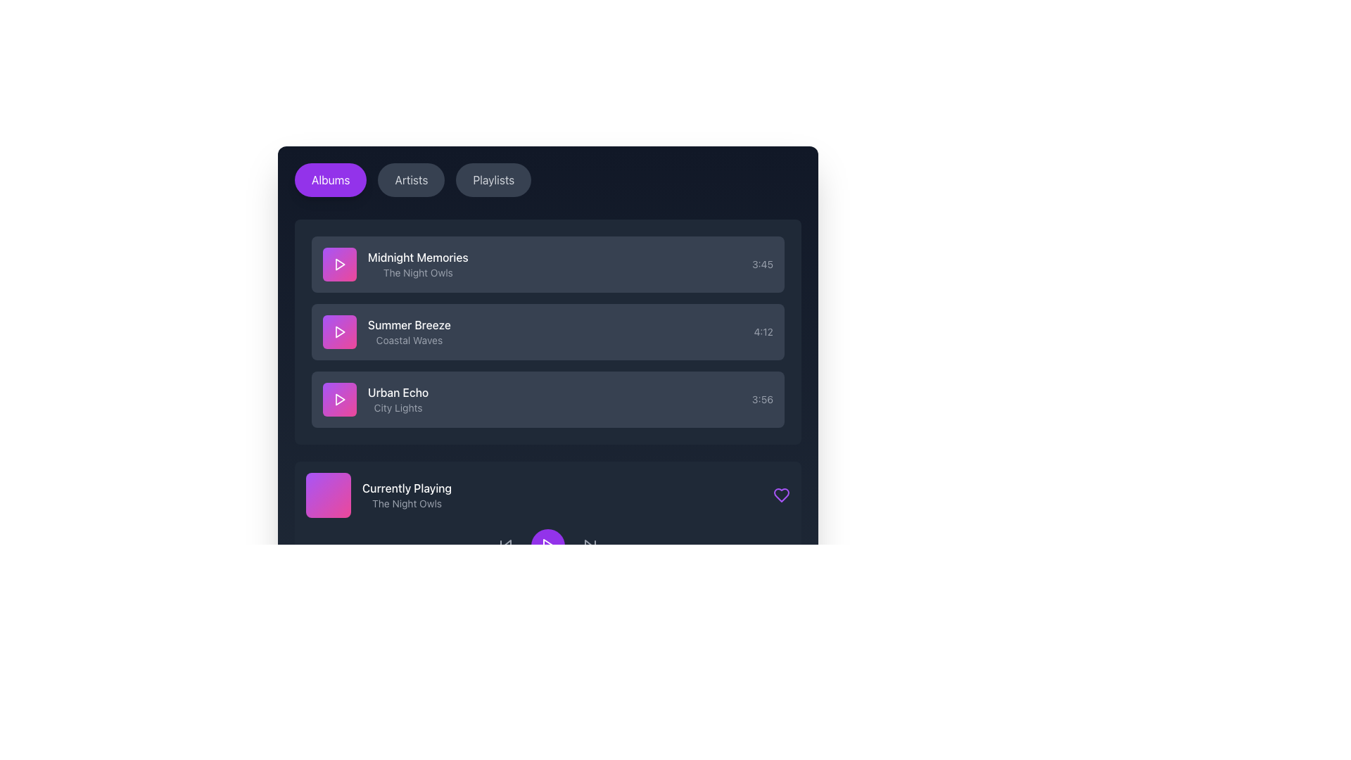  What do you see at coordinates (410, 179) in the screenshot?
I see `the 'Artists' button, which is a rounded rectangular button with a dark gray background and white text` at bounding box center [410, 179].